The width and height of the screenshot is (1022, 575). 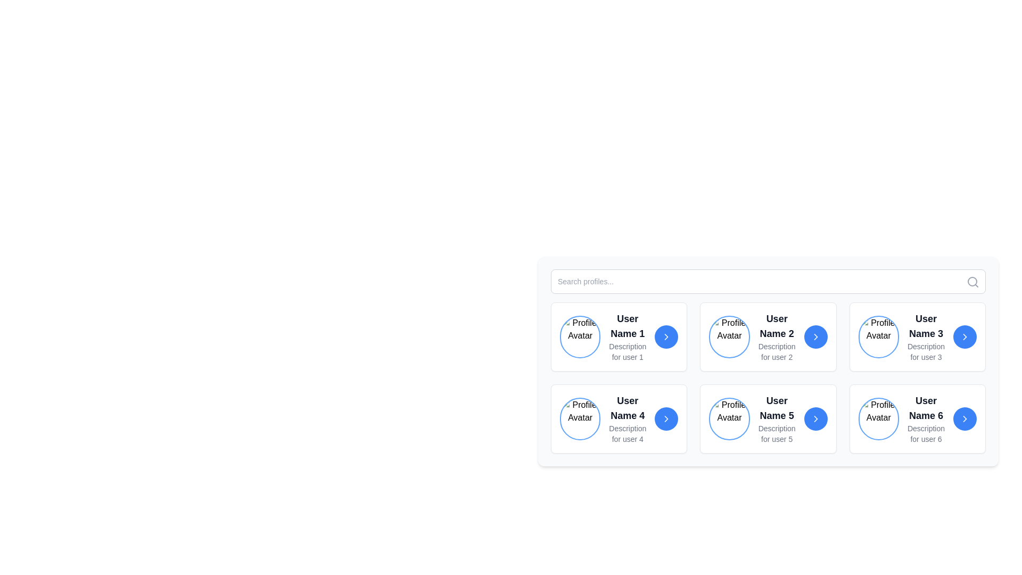 I want to click on the user description text in the sixth profile card located at the bottom-right corner of the grid layout, so click(x=917, y=418).